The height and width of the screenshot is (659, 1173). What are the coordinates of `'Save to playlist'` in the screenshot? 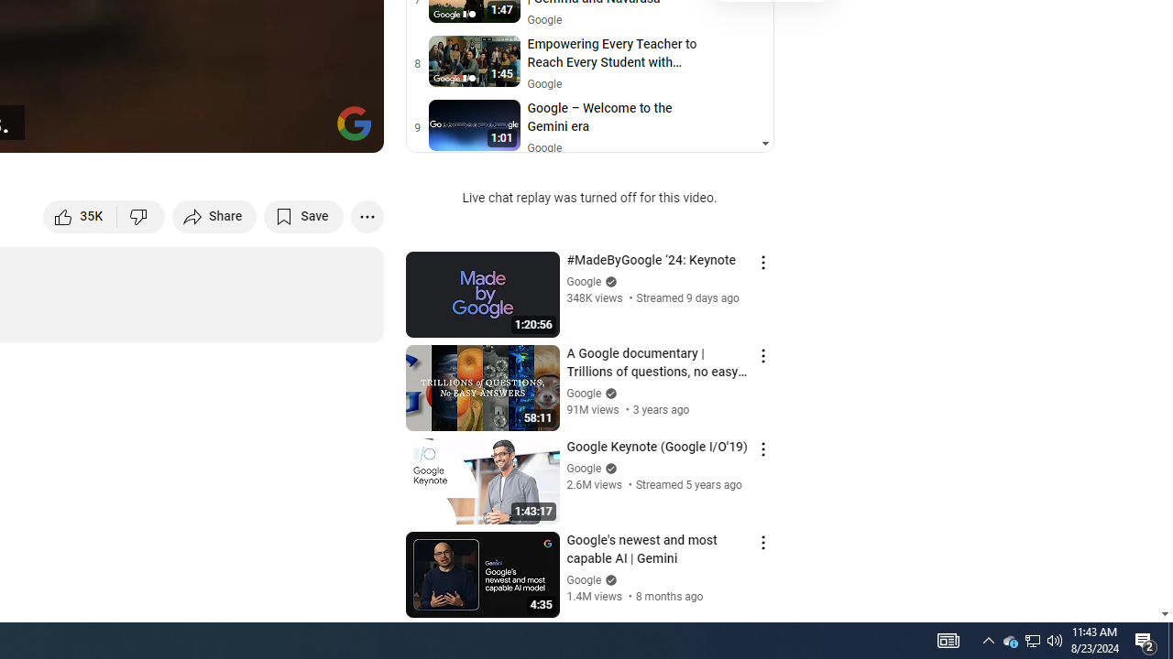 It's located at (303, 215).